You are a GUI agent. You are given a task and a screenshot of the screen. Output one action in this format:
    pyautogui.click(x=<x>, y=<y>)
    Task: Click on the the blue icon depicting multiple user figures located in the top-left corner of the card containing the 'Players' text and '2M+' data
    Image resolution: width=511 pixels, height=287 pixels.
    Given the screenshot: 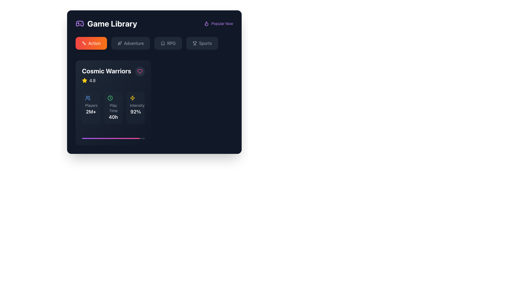 What is the action you would take?
    pyautogui.click(x=88, y=98)
    